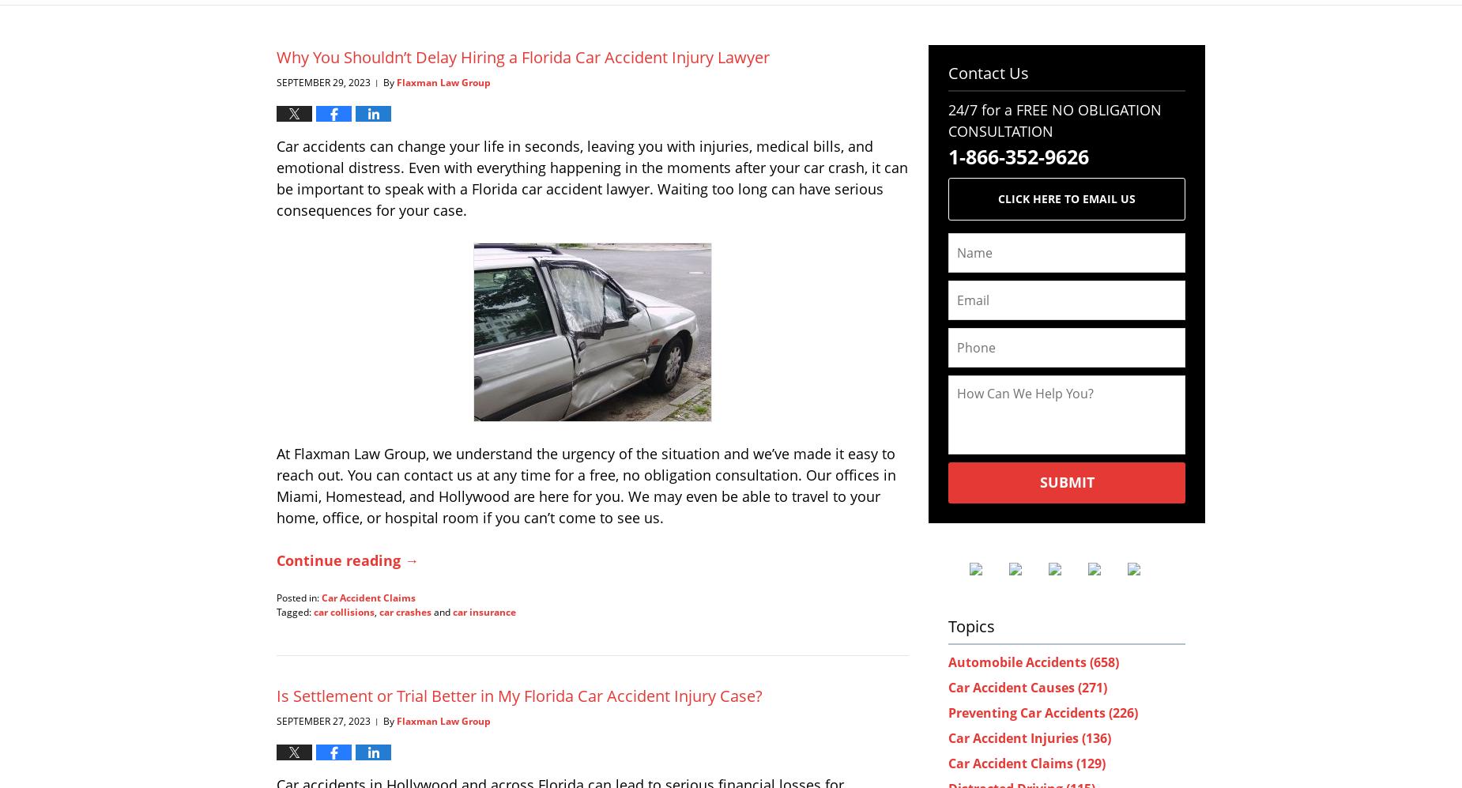 This screenshot has height=788, width=1462. I want to click on 'Car Accident Causes', so click(1012, 685).